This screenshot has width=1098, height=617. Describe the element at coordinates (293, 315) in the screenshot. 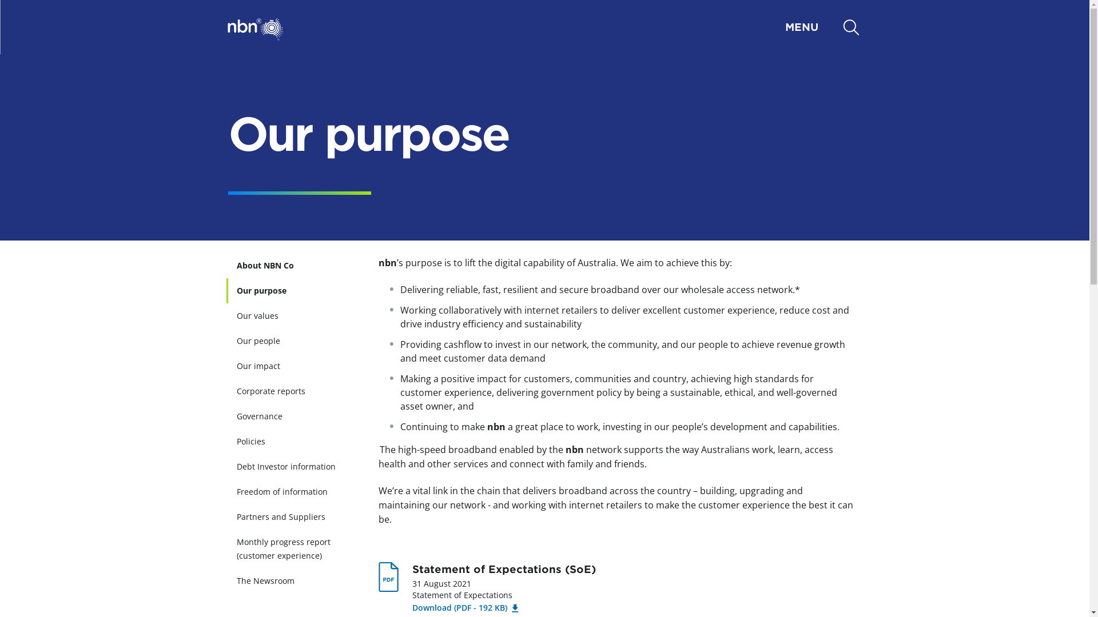

I see `'Our values'` at that location.